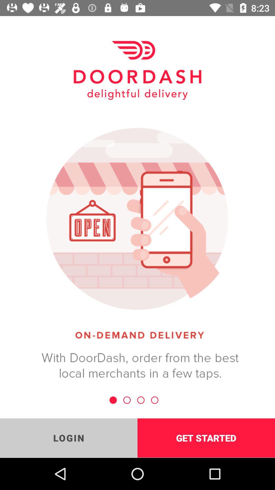  What do you see at coordinates (206, 438) in the screenshot?
I see `get started item` at bounding box center [206, 438].